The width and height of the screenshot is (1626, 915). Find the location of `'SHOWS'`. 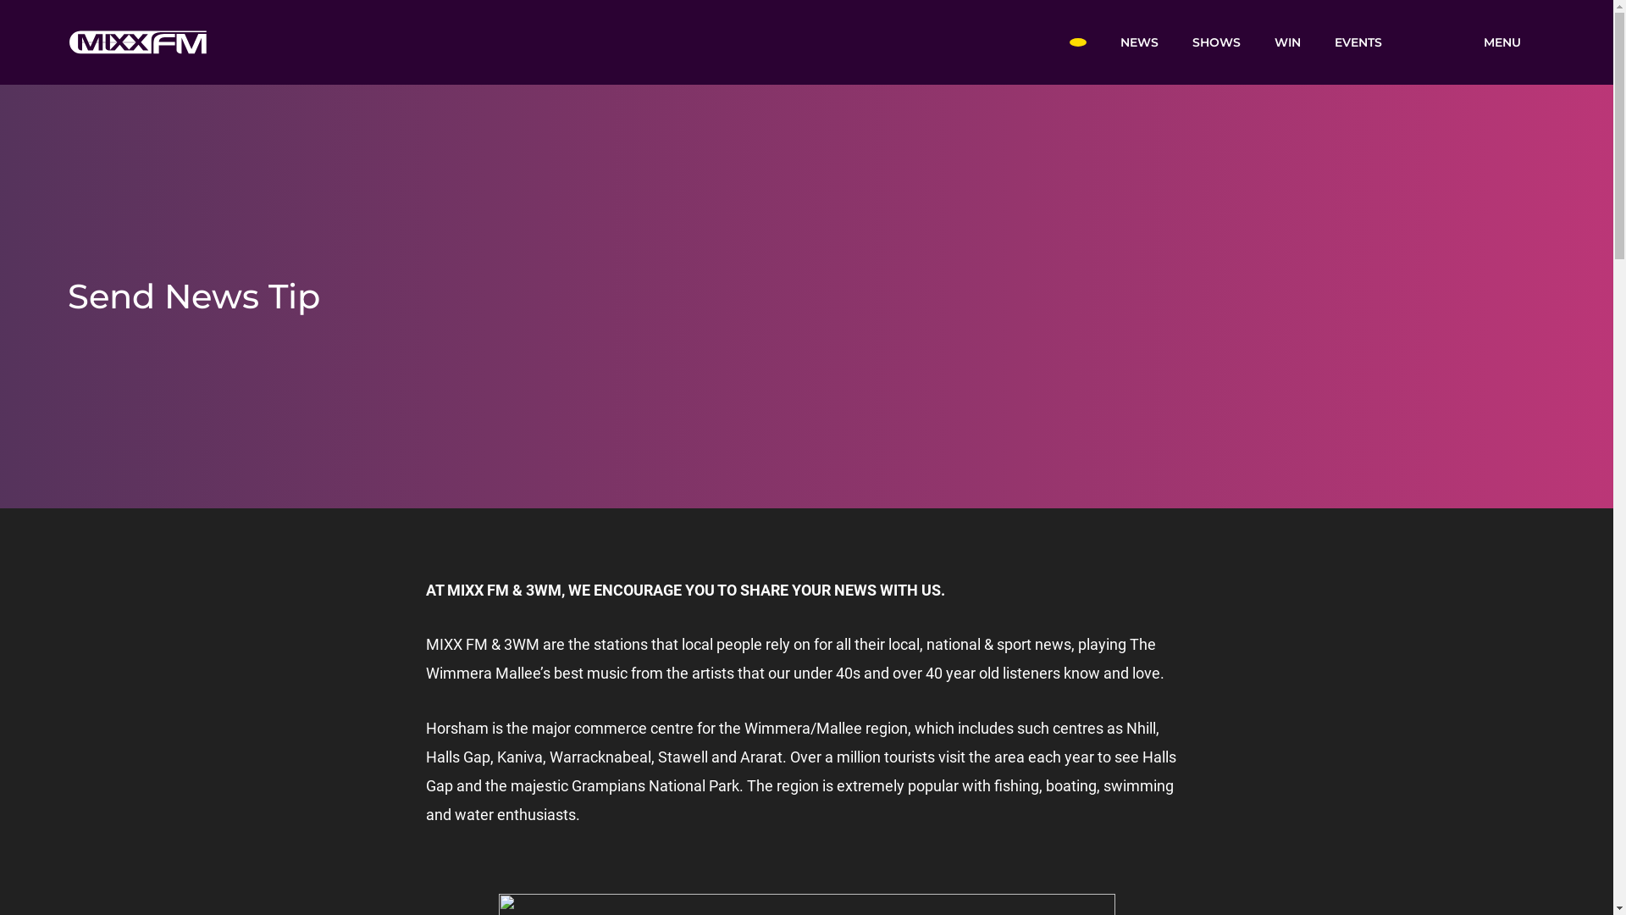

'SHOWS' is located at coordinates (1215, 41).